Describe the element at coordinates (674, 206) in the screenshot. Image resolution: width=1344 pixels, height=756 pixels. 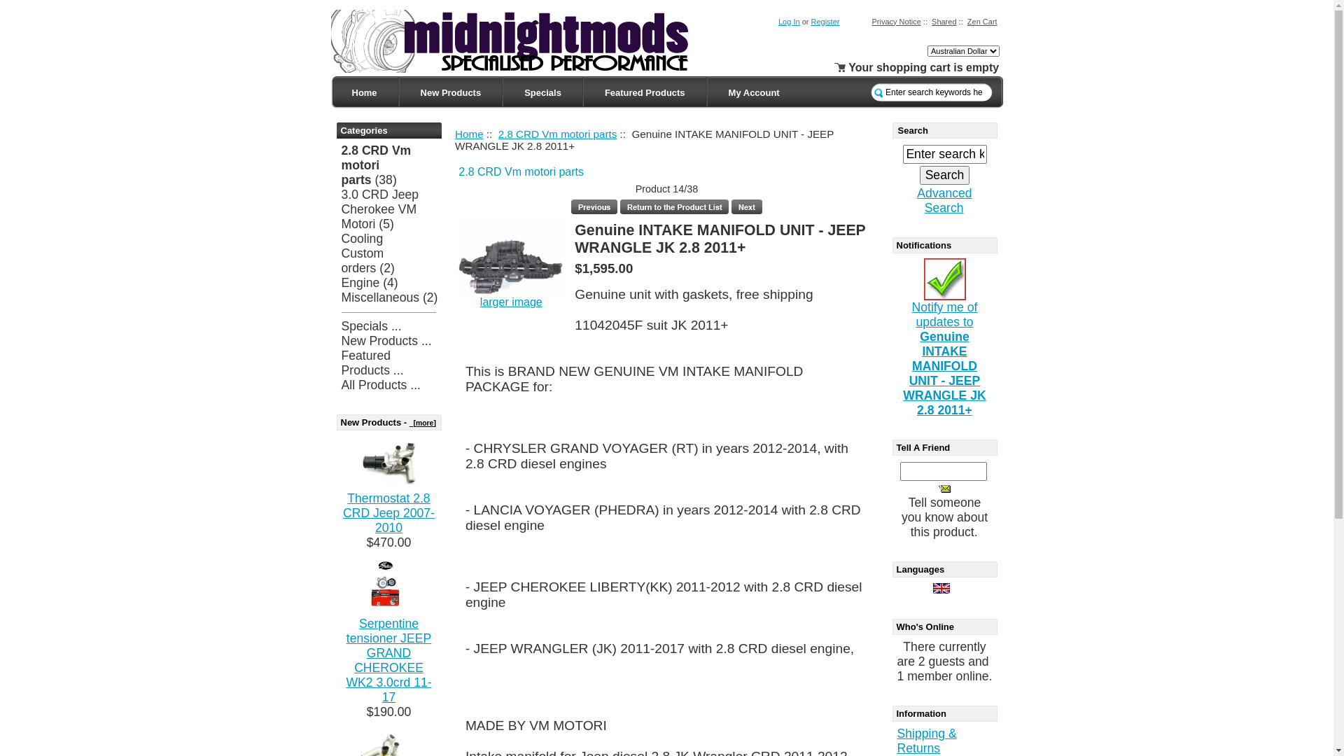
I see `' Return to the Product List '` at that location.